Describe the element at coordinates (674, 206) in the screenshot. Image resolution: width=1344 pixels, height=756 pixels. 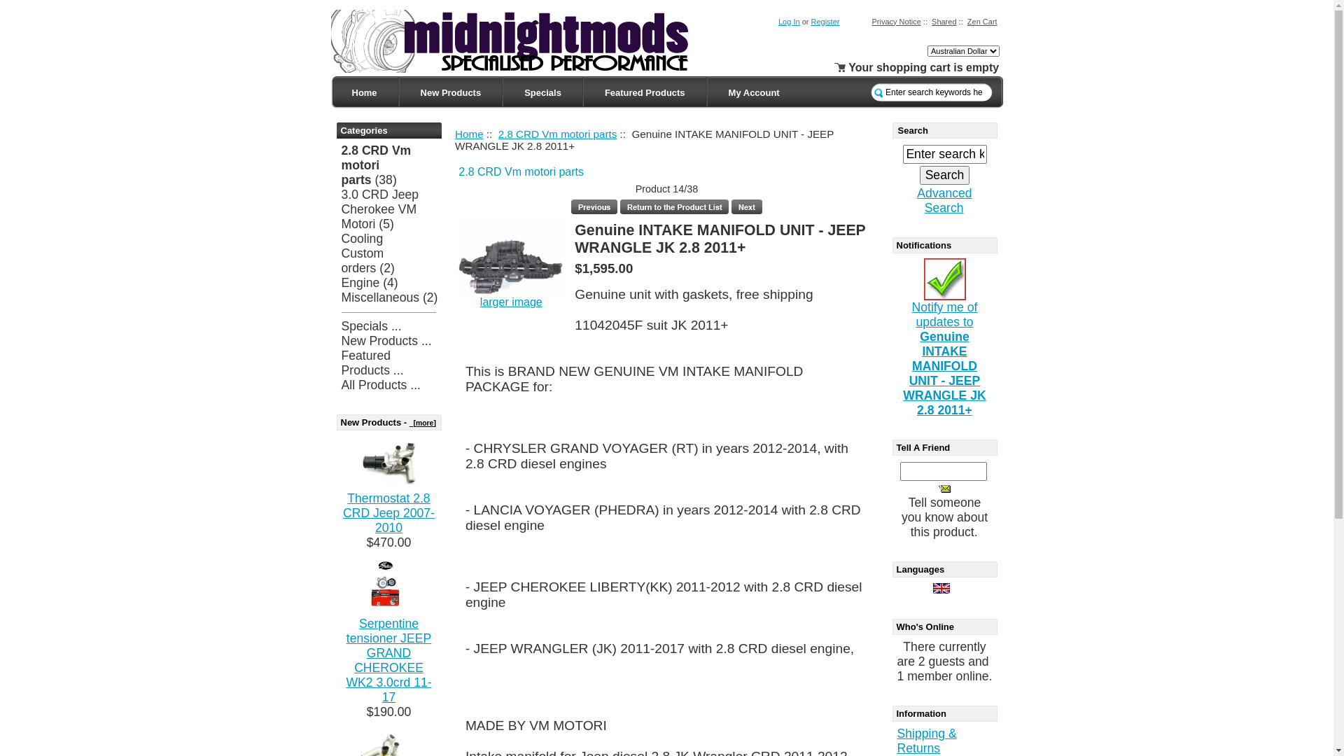
I see `' Return to the Product List '` at that location.